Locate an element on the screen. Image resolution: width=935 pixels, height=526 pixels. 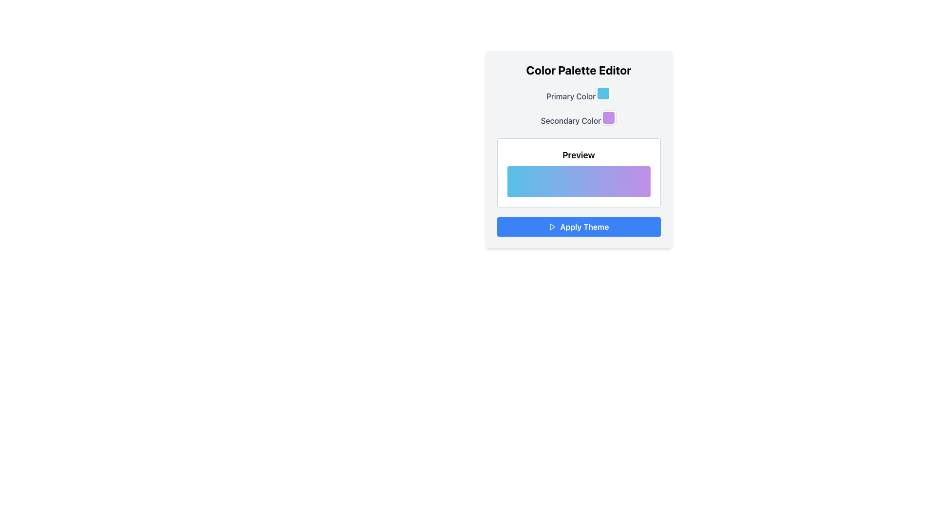
the bright blue color box is located at coordinates (603, 94).